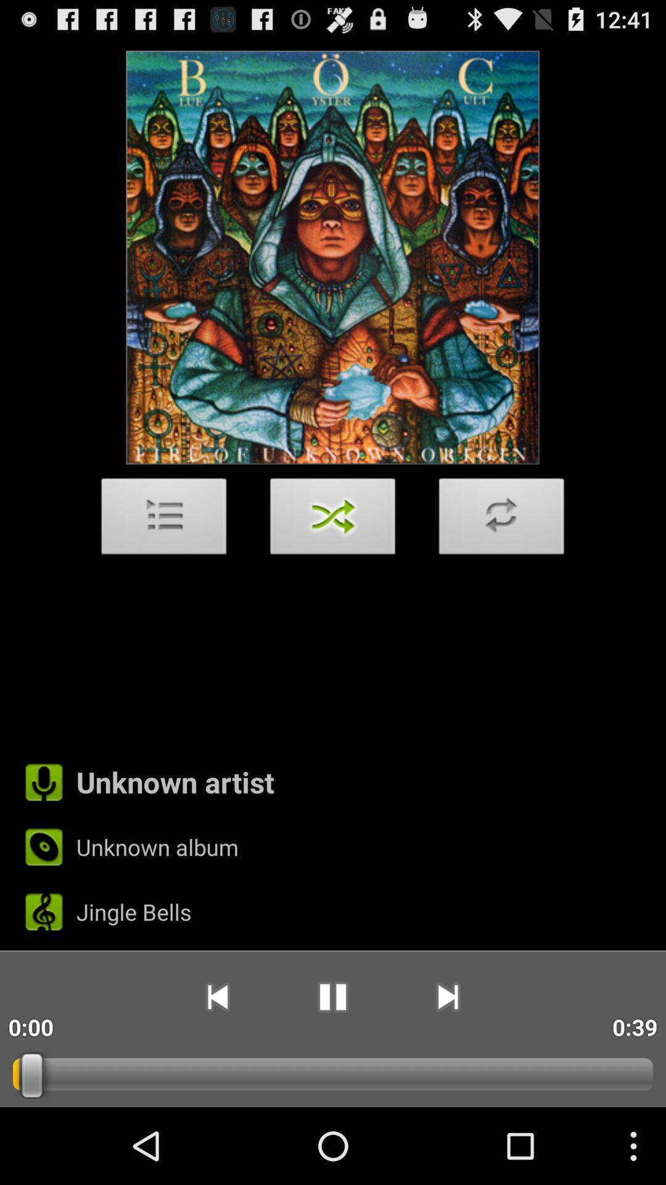  I want to click on icon on the right, so click(501, 520).